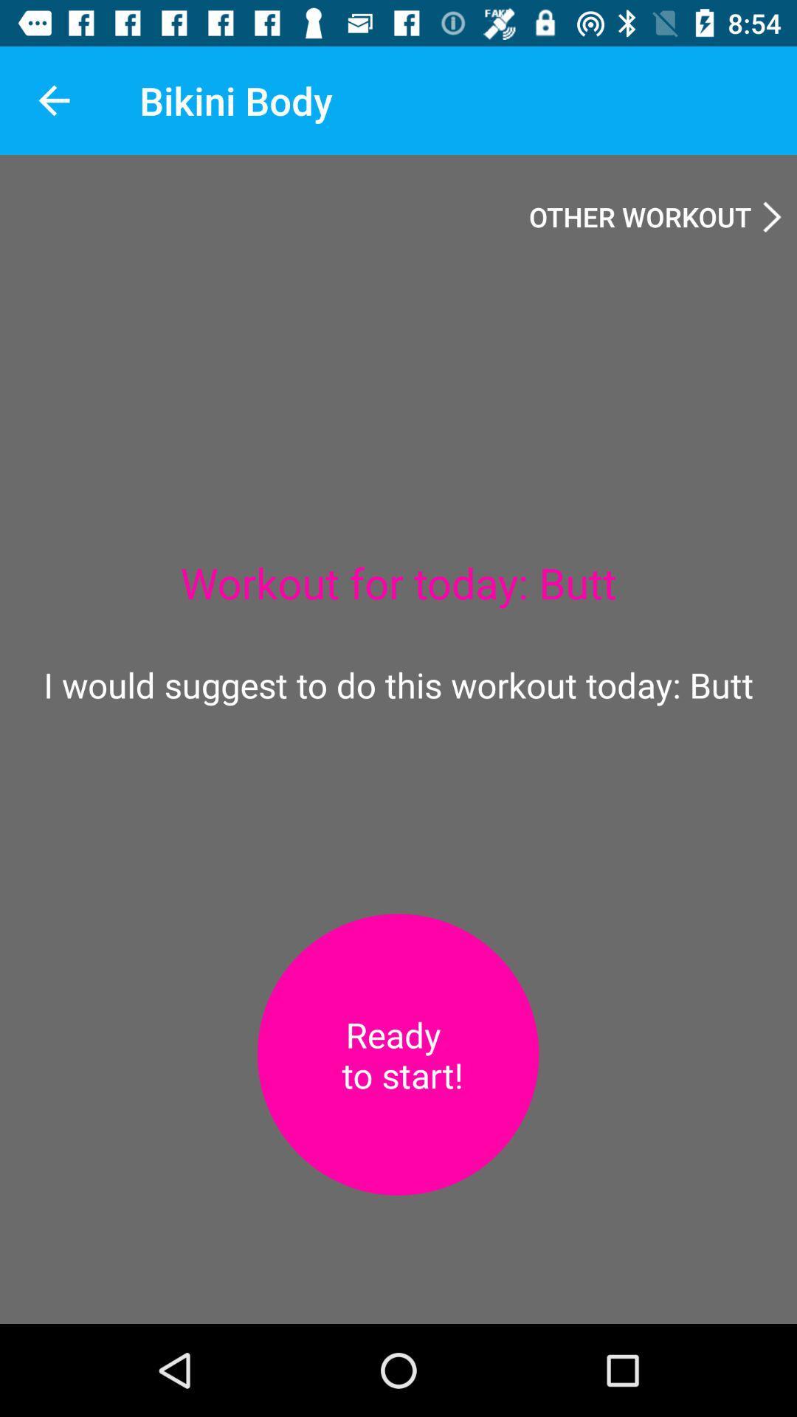  What do you see at coordinates (53, 100) in the screenshot?
I see `the app to the left of the bikini body` at bounding box center [53, 100].